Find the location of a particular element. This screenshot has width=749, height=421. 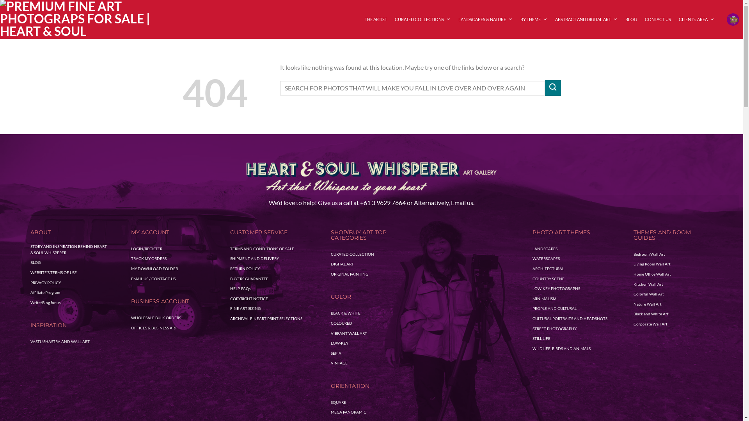

'STILL LIFE' is located at coordinates (541, 338).